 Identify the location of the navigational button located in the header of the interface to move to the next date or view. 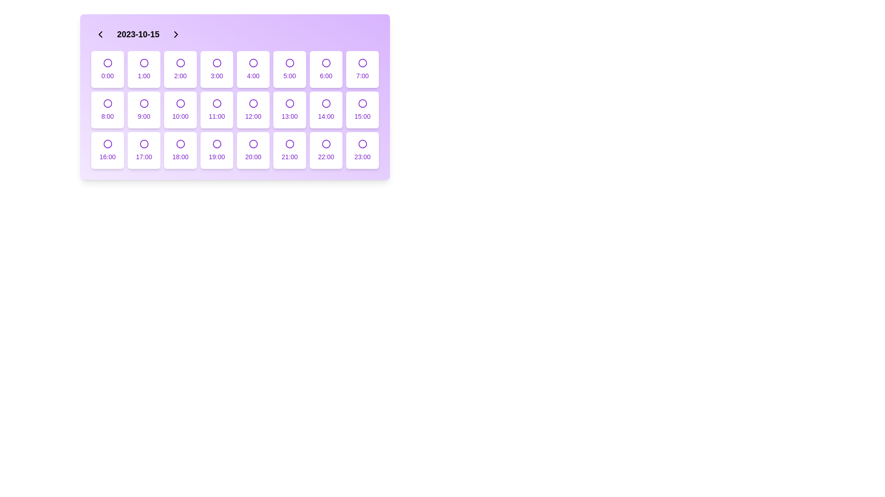
(176, 34).